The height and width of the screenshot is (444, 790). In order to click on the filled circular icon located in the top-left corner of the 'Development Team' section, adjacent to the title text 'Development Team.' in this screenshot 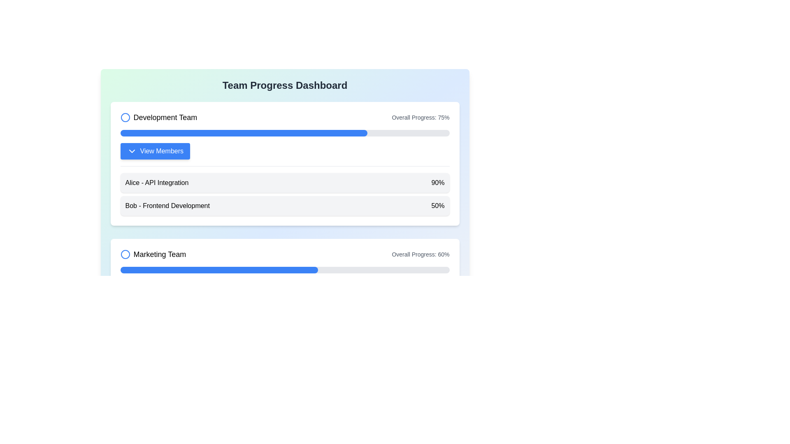, I will do `click(125, 117)`.